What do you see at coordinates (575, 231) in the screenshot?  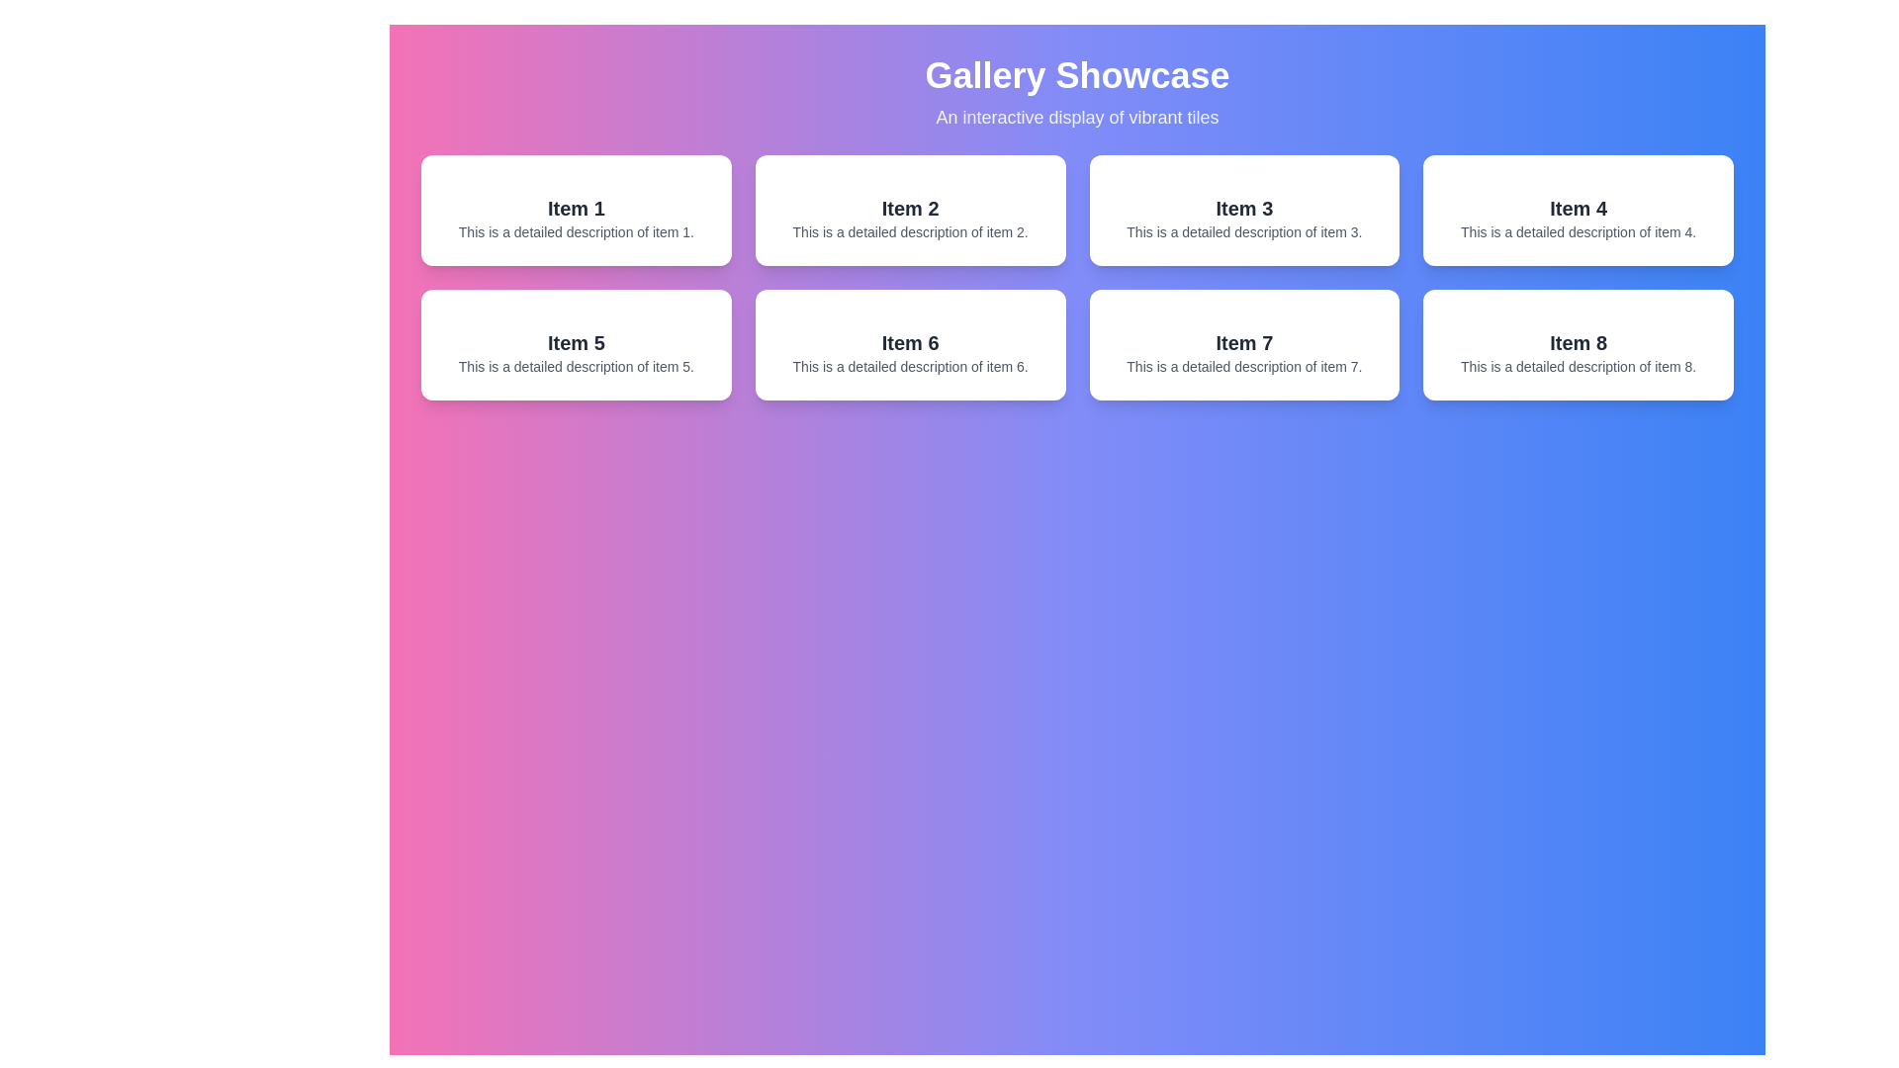 I see `text content of the Text Label element displaying 'This is a detailed description of item 1.' located below the title 'Item 1' in the first card of the 'Gallery Showcase'` at bounding box center [575, 231].